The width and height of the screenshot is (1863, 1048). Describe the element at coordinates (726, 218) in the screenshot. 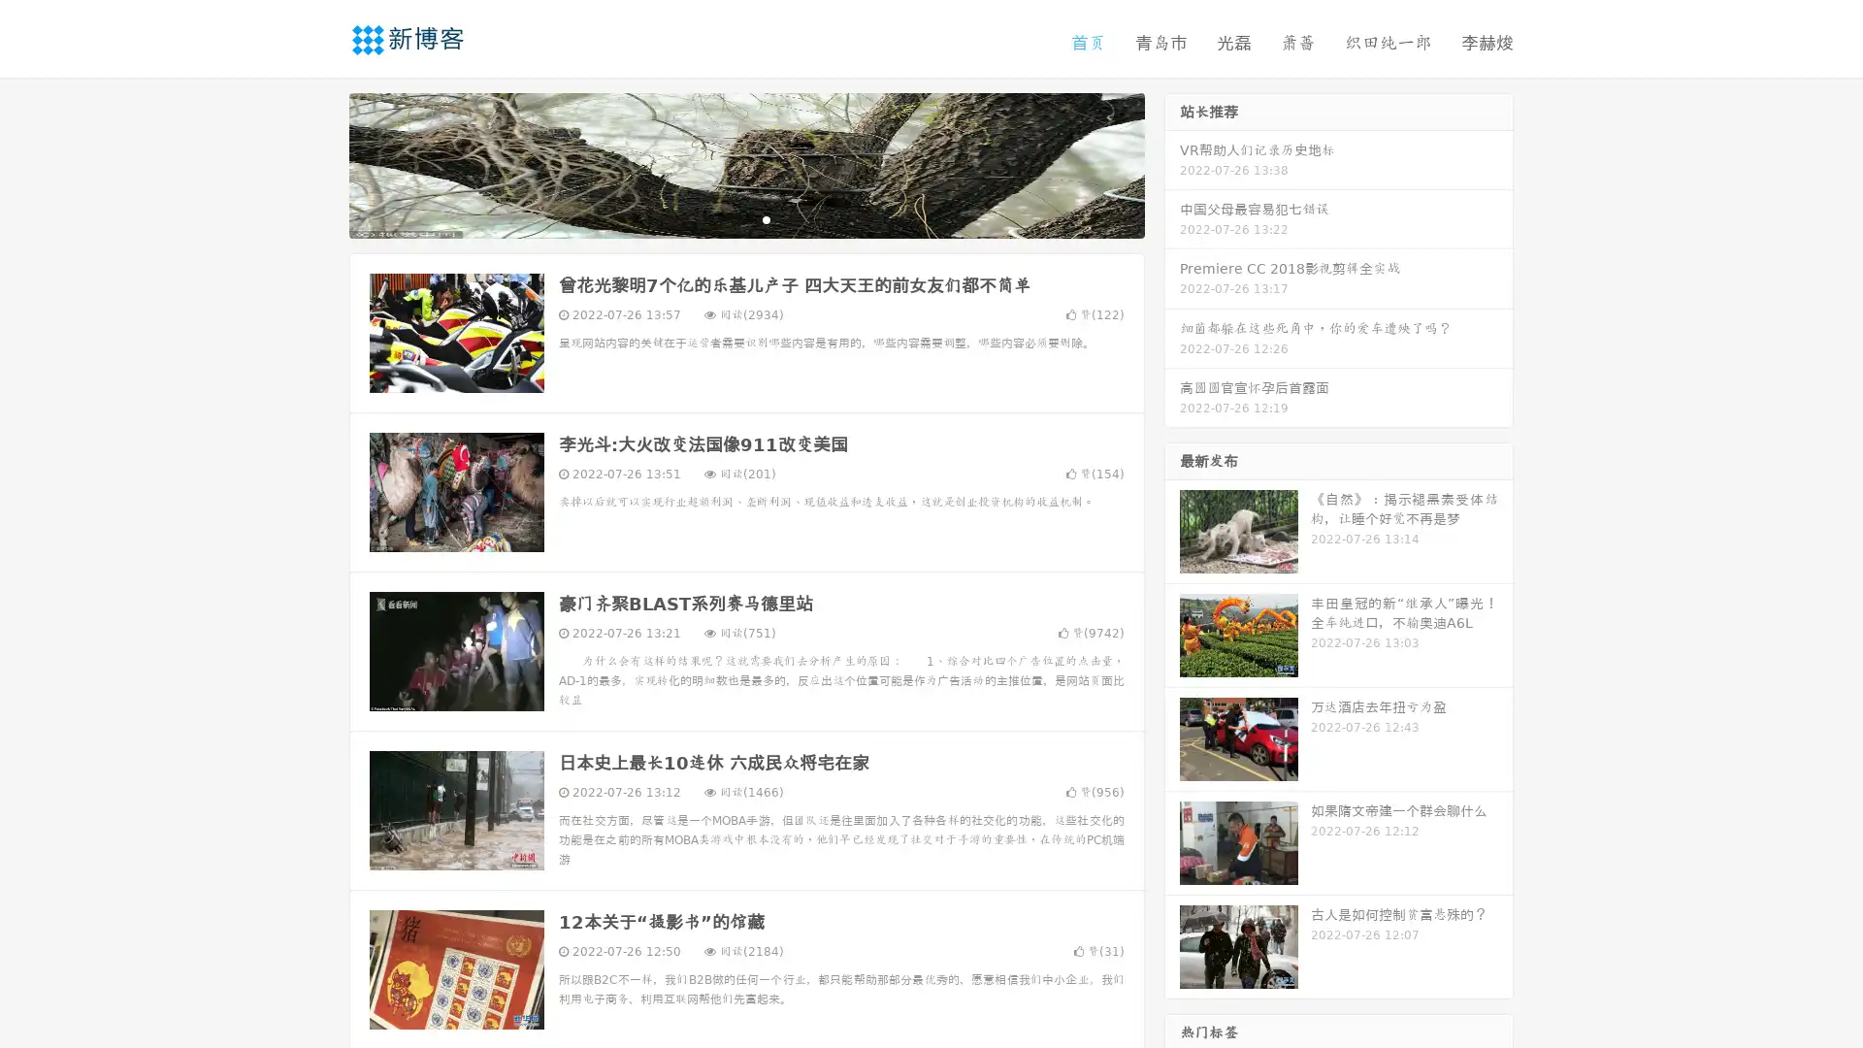

I see `Go to slide 1` at that location.